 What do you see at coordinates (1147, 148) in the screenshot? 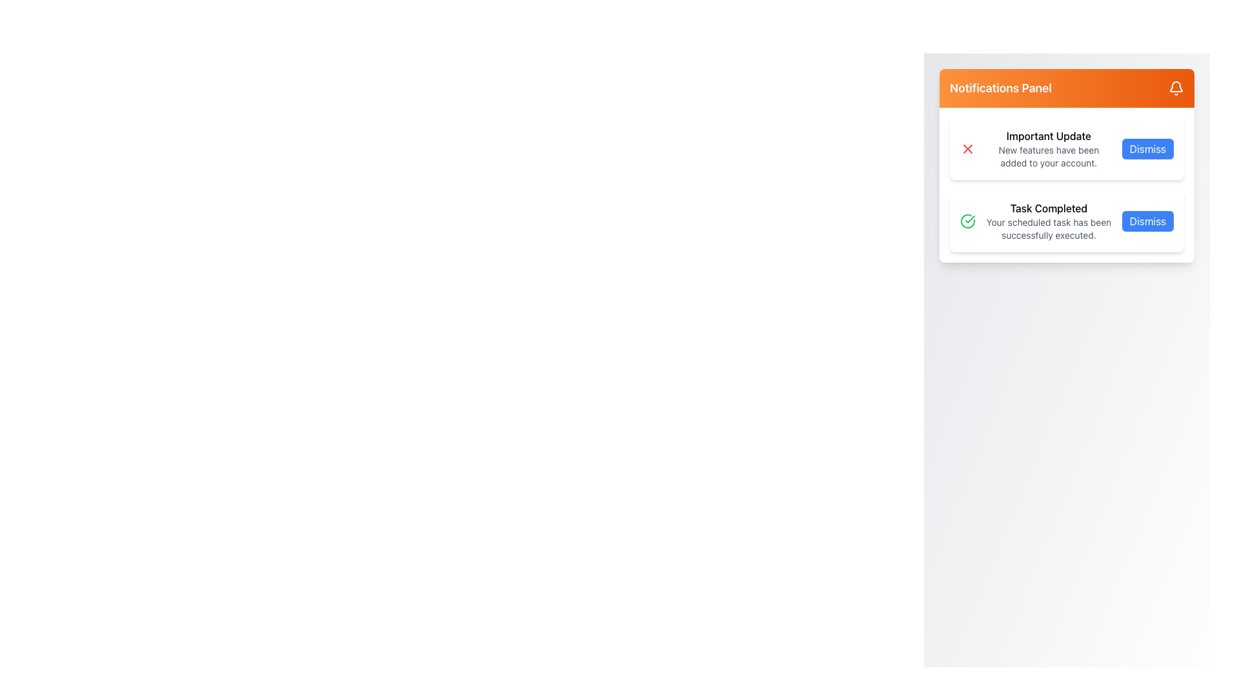
I see `the 'Dismiss' button with a blue background and white text in the Notifications Panel under the 'Important Update' notification` at bounding box center [1147, 148].